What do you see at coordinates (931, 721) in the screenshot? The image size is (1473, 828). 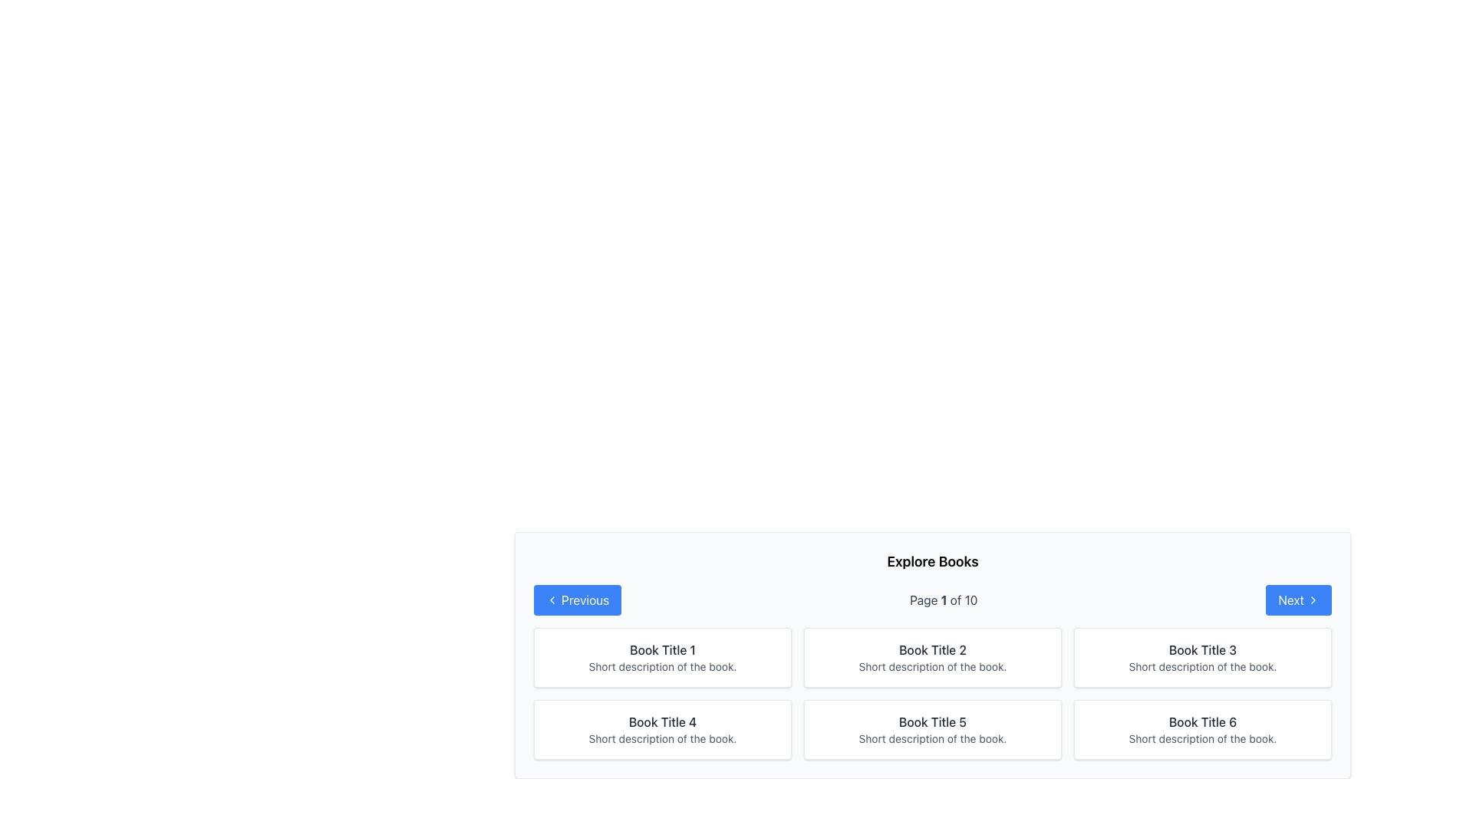 I see `the text label that serves as the title for the card, located centrally in the bottom row of the grid layout` at bounding box center [931, 721].